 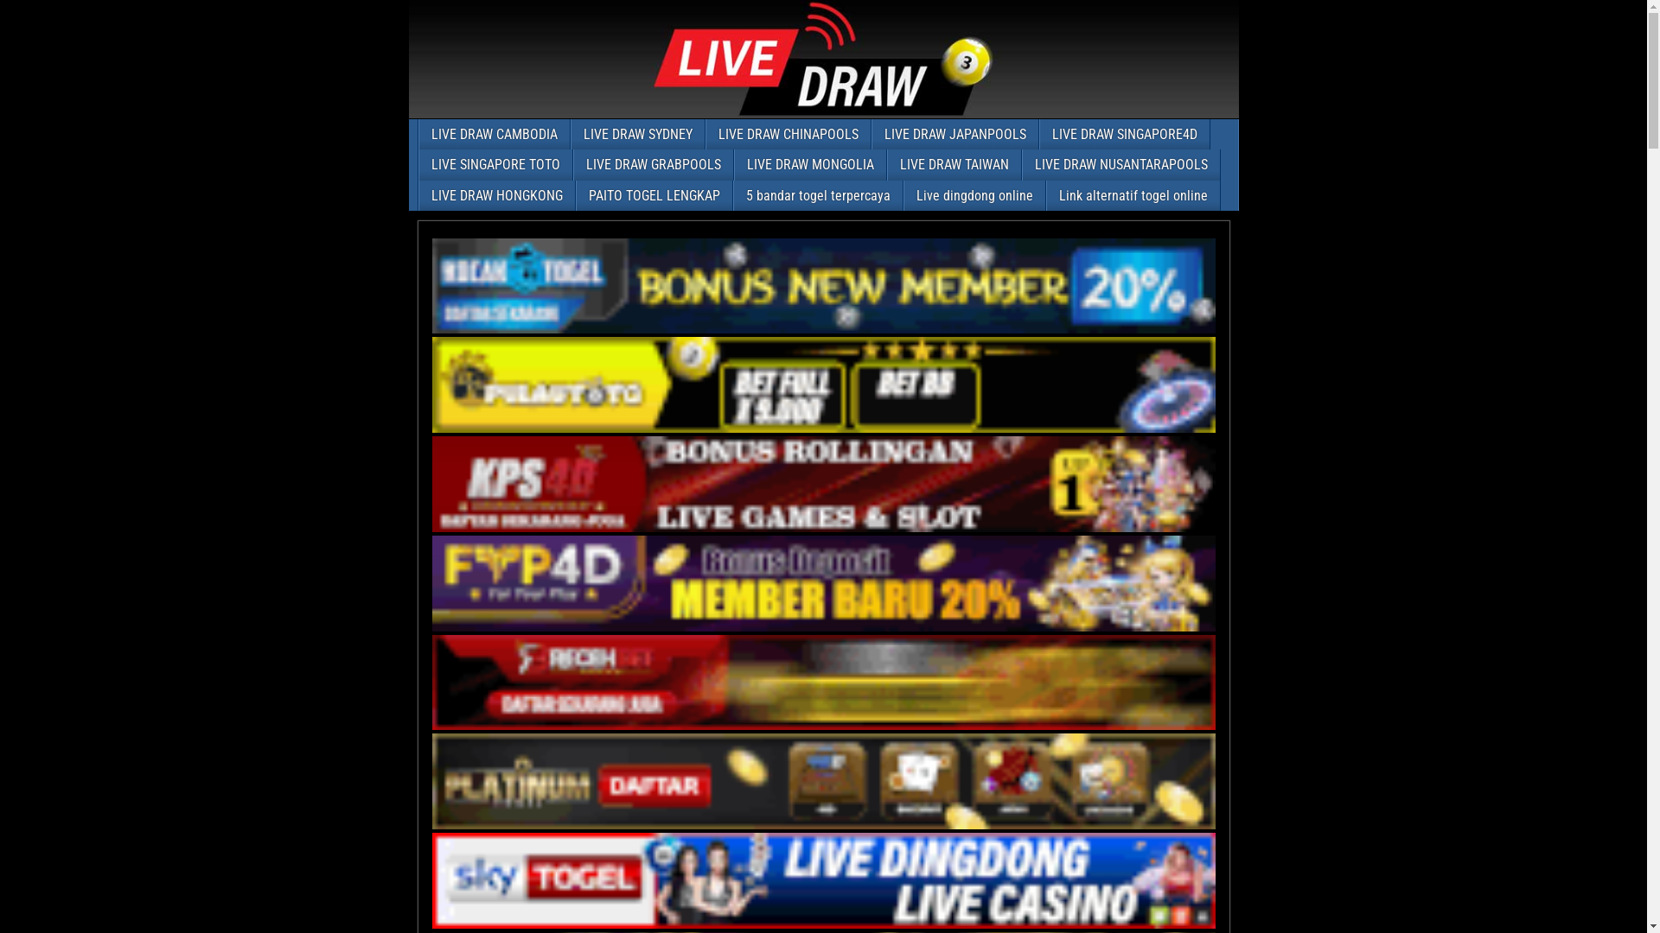 I want to click on 'LIVE DRAW NUSANTARAPOOLS', so click(x=1120, y=164).